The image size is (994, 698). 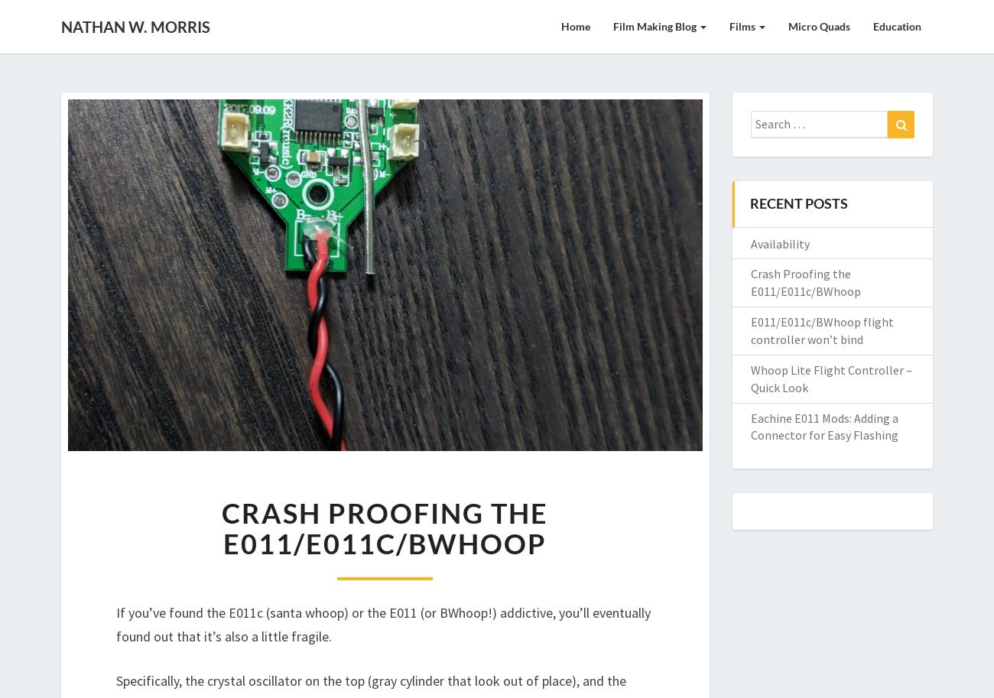 I want to click on 'Micro Quads', so click(x=819, y=26).